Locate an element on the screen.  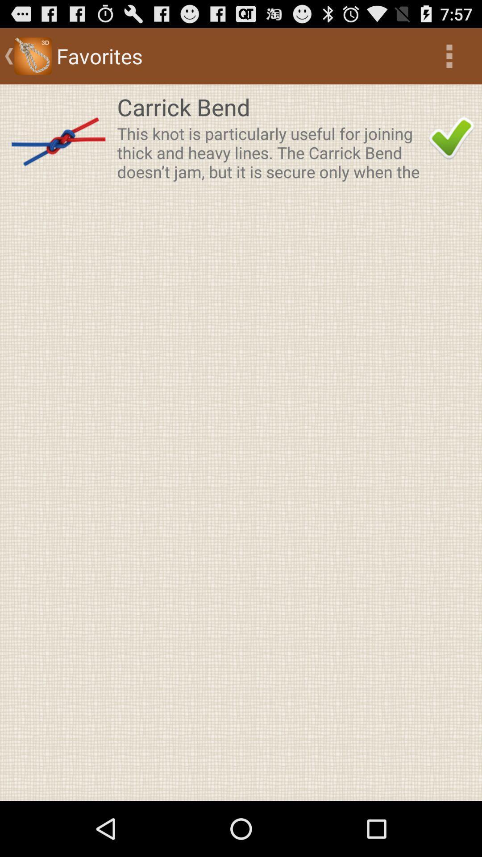
the item next to the carrick bend is located at coordinates (58, 137).